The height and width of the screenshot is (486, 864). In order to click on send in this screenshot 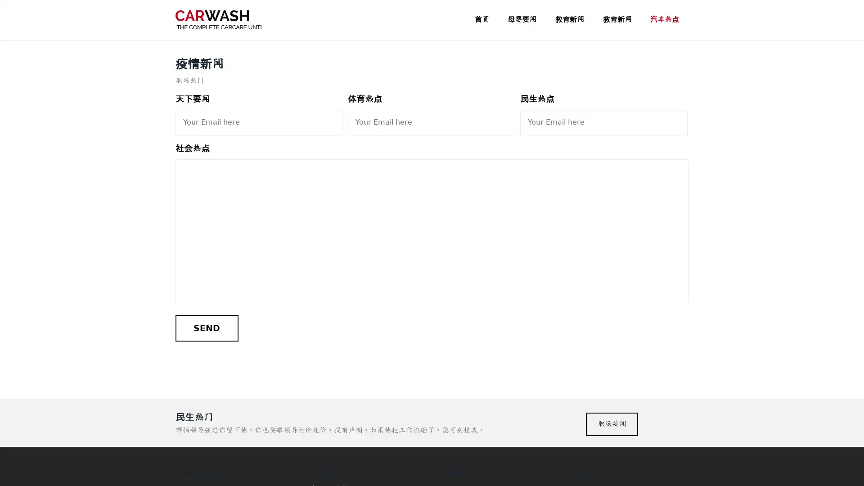, I will do `click(206, 328)`.